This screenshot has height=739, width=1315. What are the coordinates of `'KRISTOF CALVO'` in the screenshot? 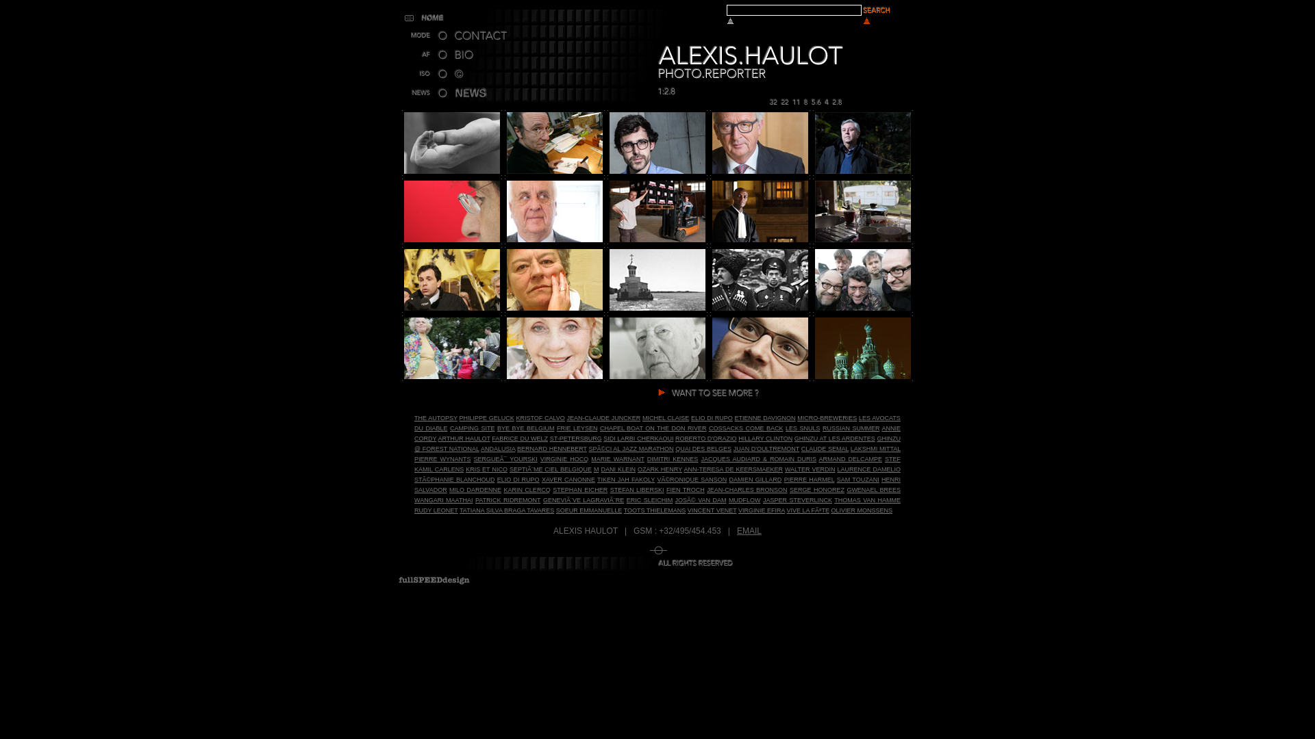 It's located at (539, 417).